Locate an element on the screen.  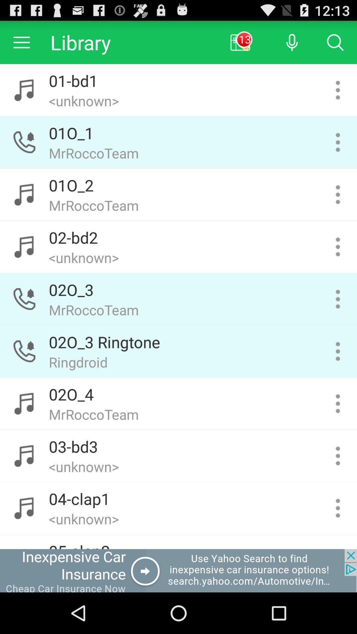
song is located at coordinates (338, 508).